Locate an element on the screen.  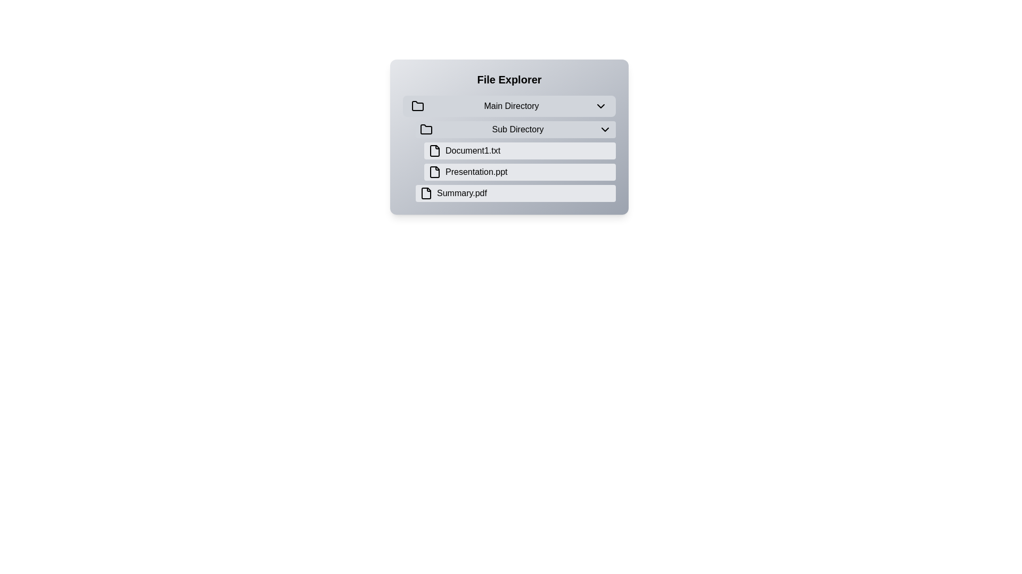
the file icon representing 'Presentation.ppt' is located at coordinates (434, 172).